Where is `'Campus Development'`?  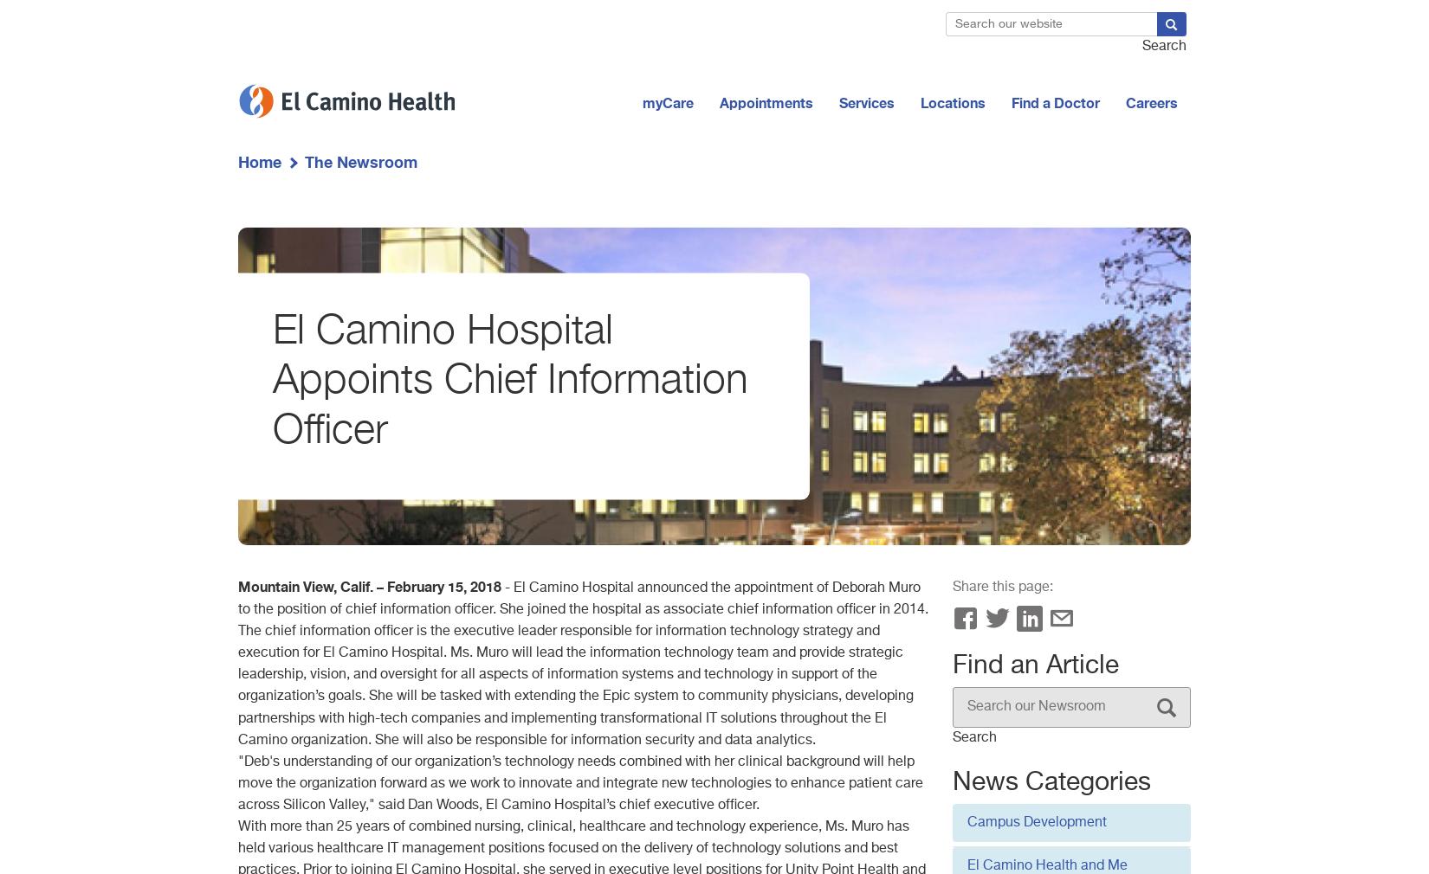 'Campus Development' is located at coordinates (1037, 823).